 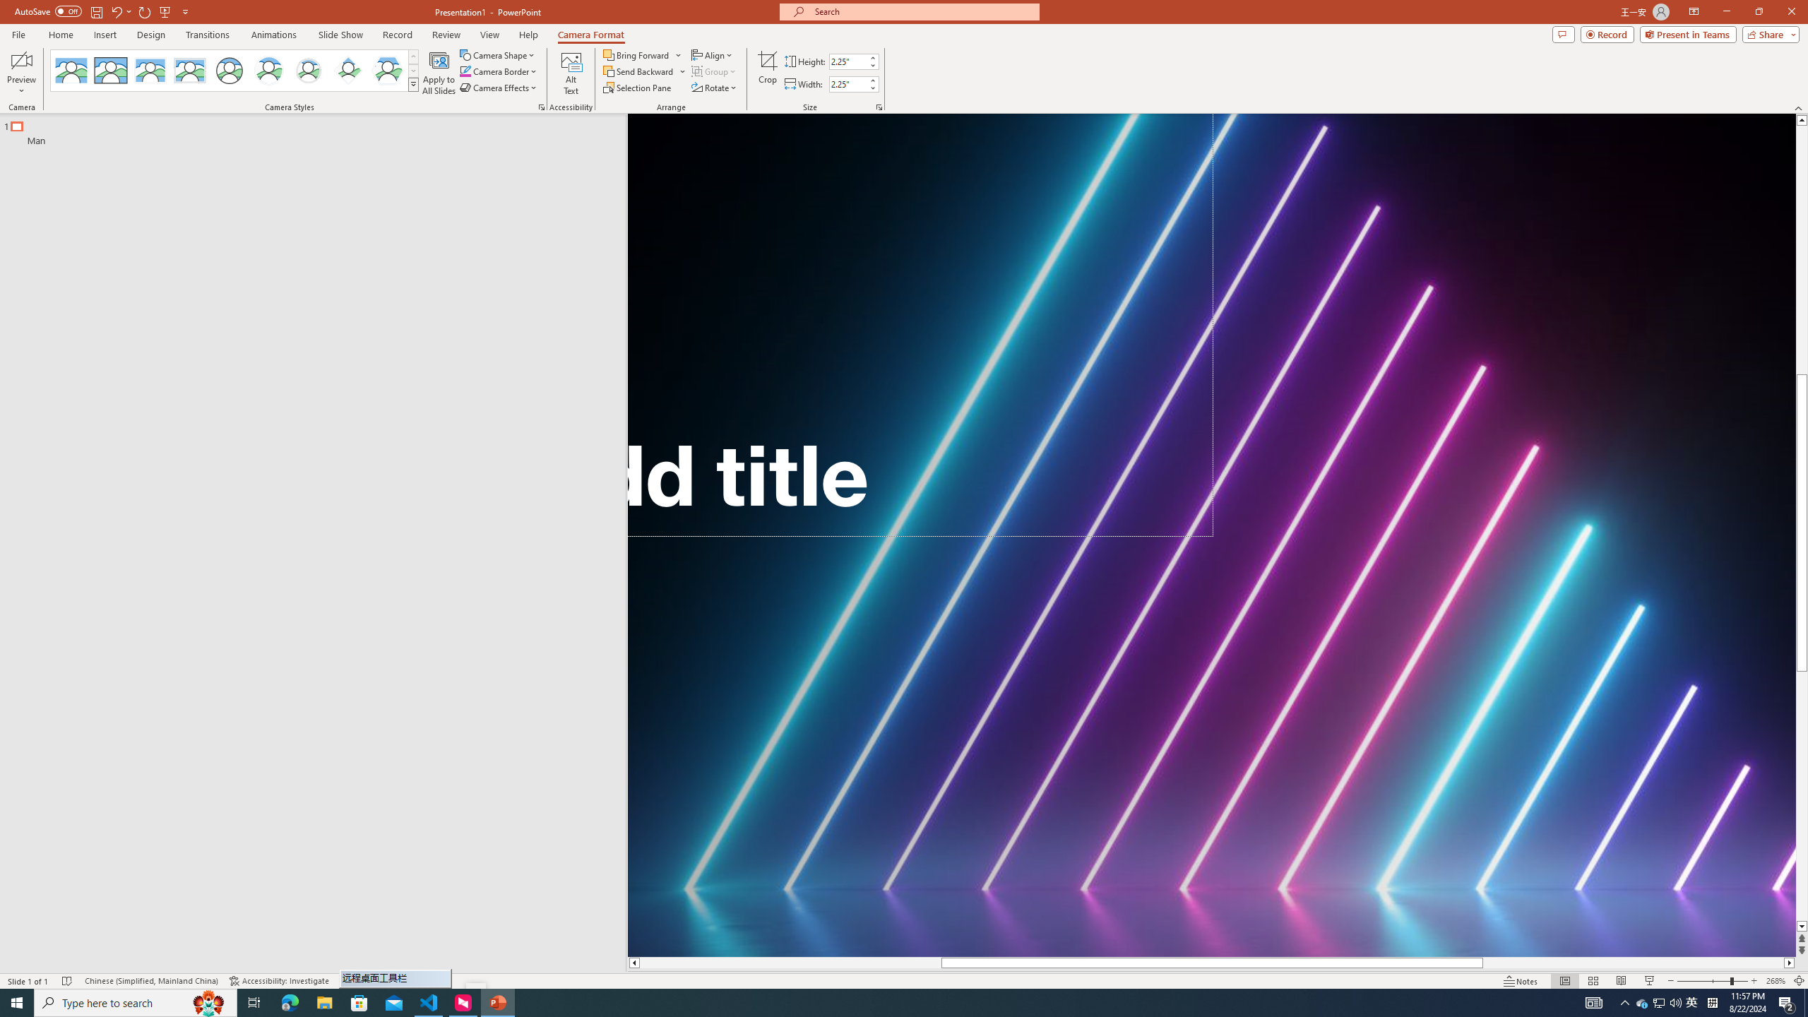 What do you see at coordinates (388, 70) in the screenshot?
I see `'Center Shadow Hexagon'` at bounding box center [388, 70].